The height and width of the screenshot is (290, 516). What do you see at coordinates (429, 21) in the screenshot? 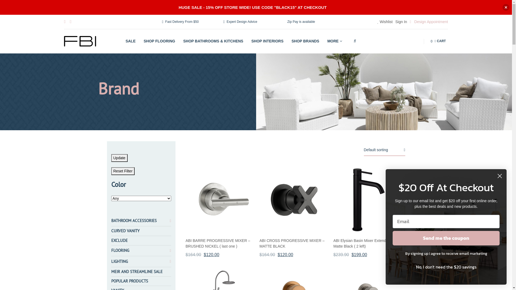
I see `'Design Appointment'` at bounding box center [429, 21].